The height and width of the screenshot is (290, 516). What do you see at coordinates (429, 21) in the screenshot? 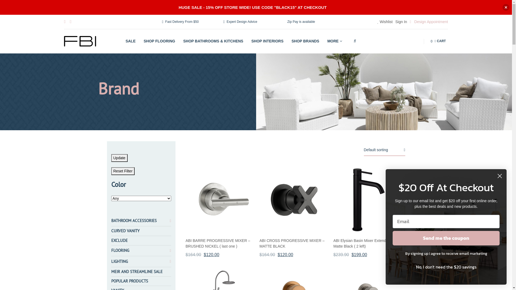
I see `'Design Appointment'` at bounding box center [429, 21].